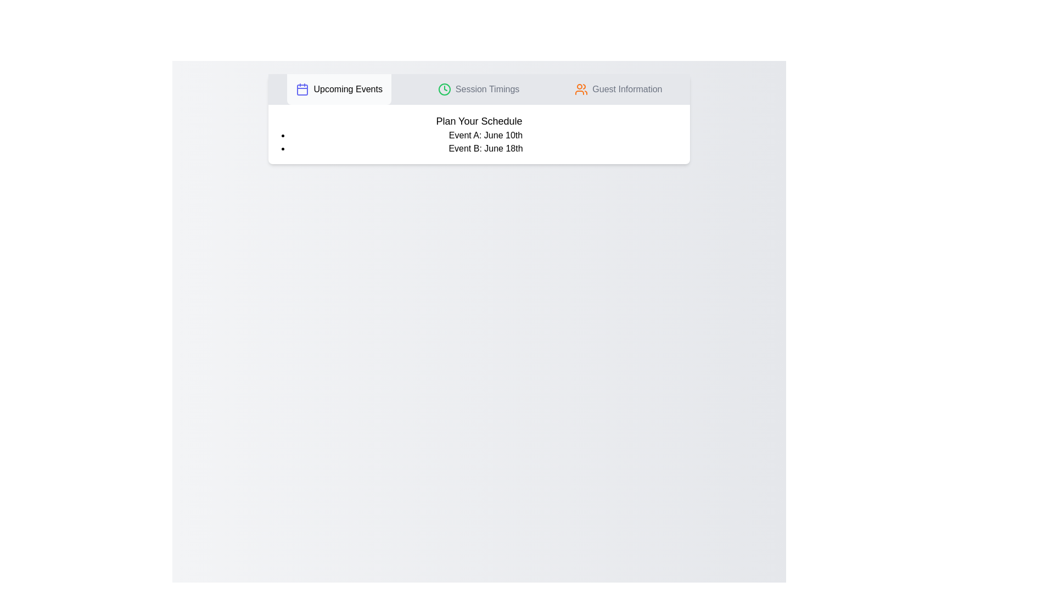 Image resolution: width=1054 pixels, height=593 pixels. What do you see at coordinates (619, 88) in the screenshot?
I see `the tab labeled 'Guest Information' to observe its effect` at bounding box center [619, 88].